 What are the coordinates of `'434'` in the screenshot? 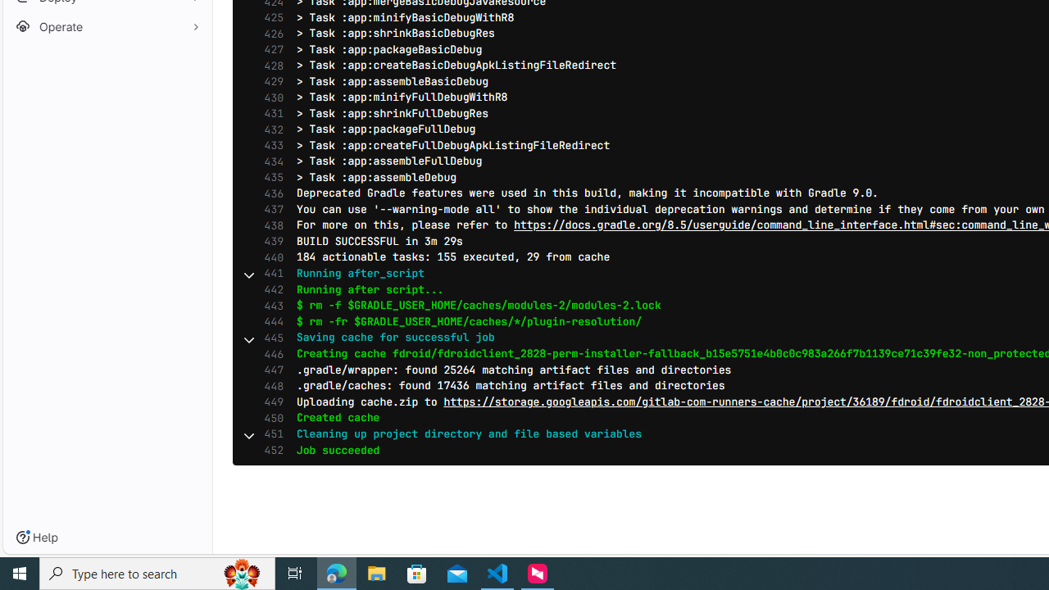 It's located at (270, 161).